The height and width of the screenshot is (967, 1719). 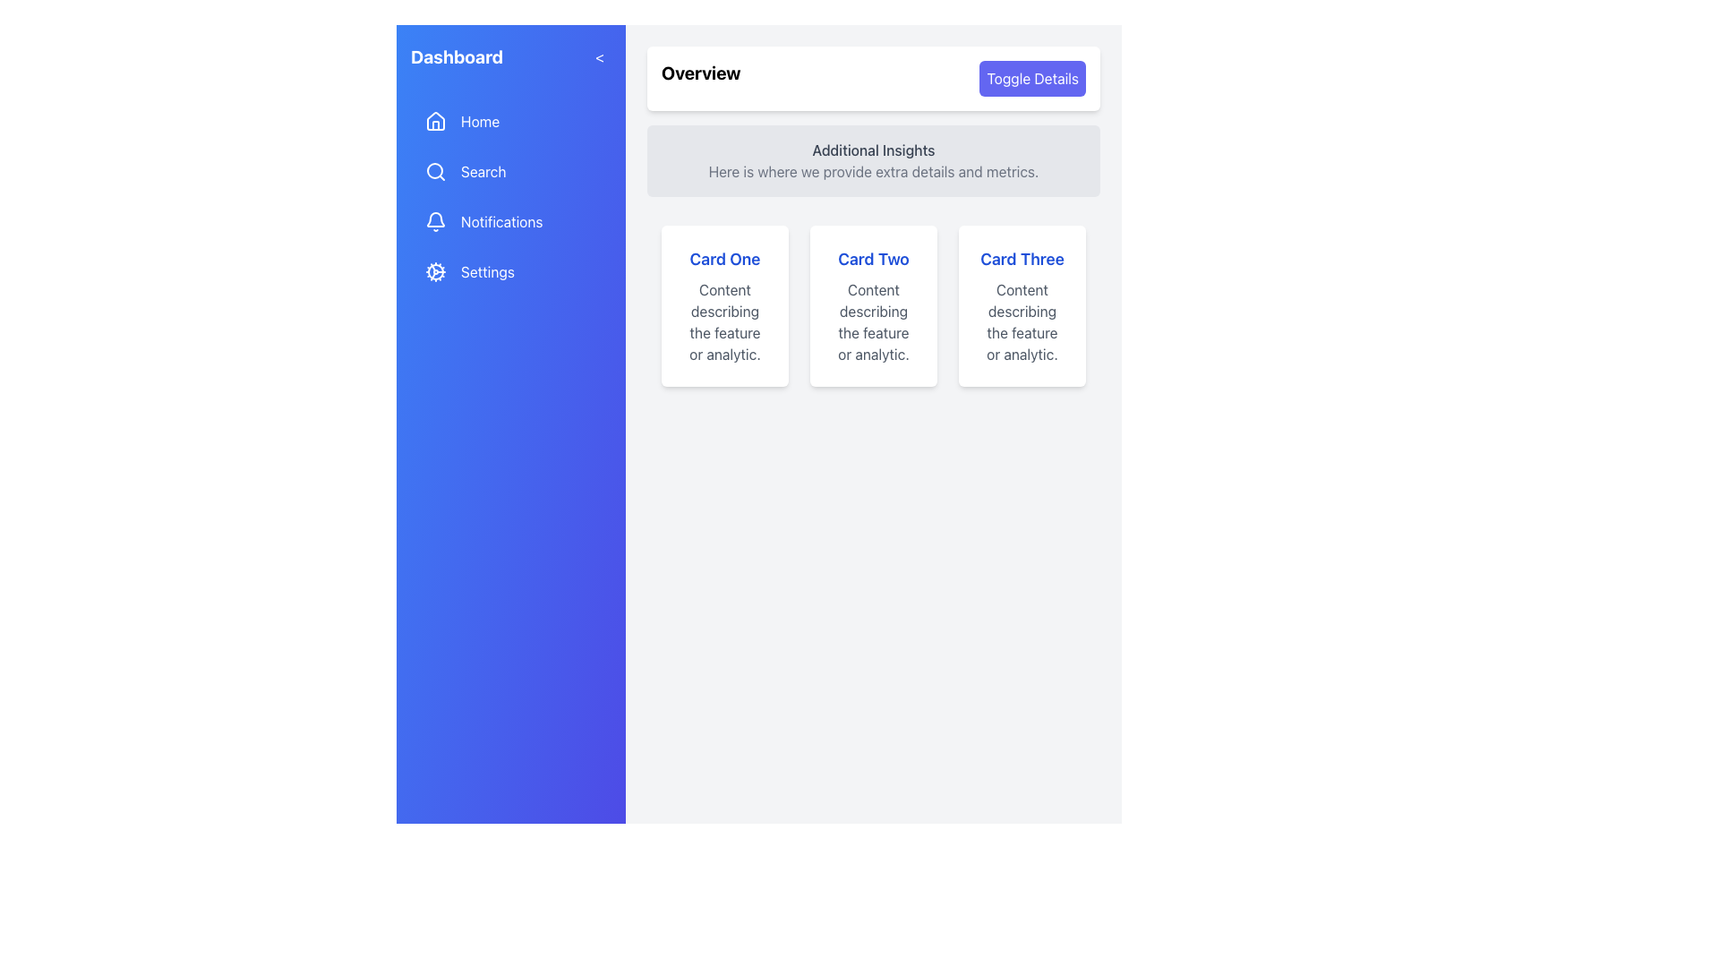 I want to click on the fourth item in the vertical navigation menu located in the left sidebar, so click(x=510, y=272).